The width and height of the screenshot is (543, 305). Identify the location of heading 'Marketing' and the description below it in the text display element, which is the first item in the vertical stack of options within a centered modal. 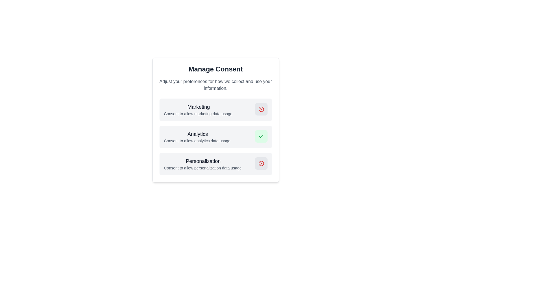
(199, 110).